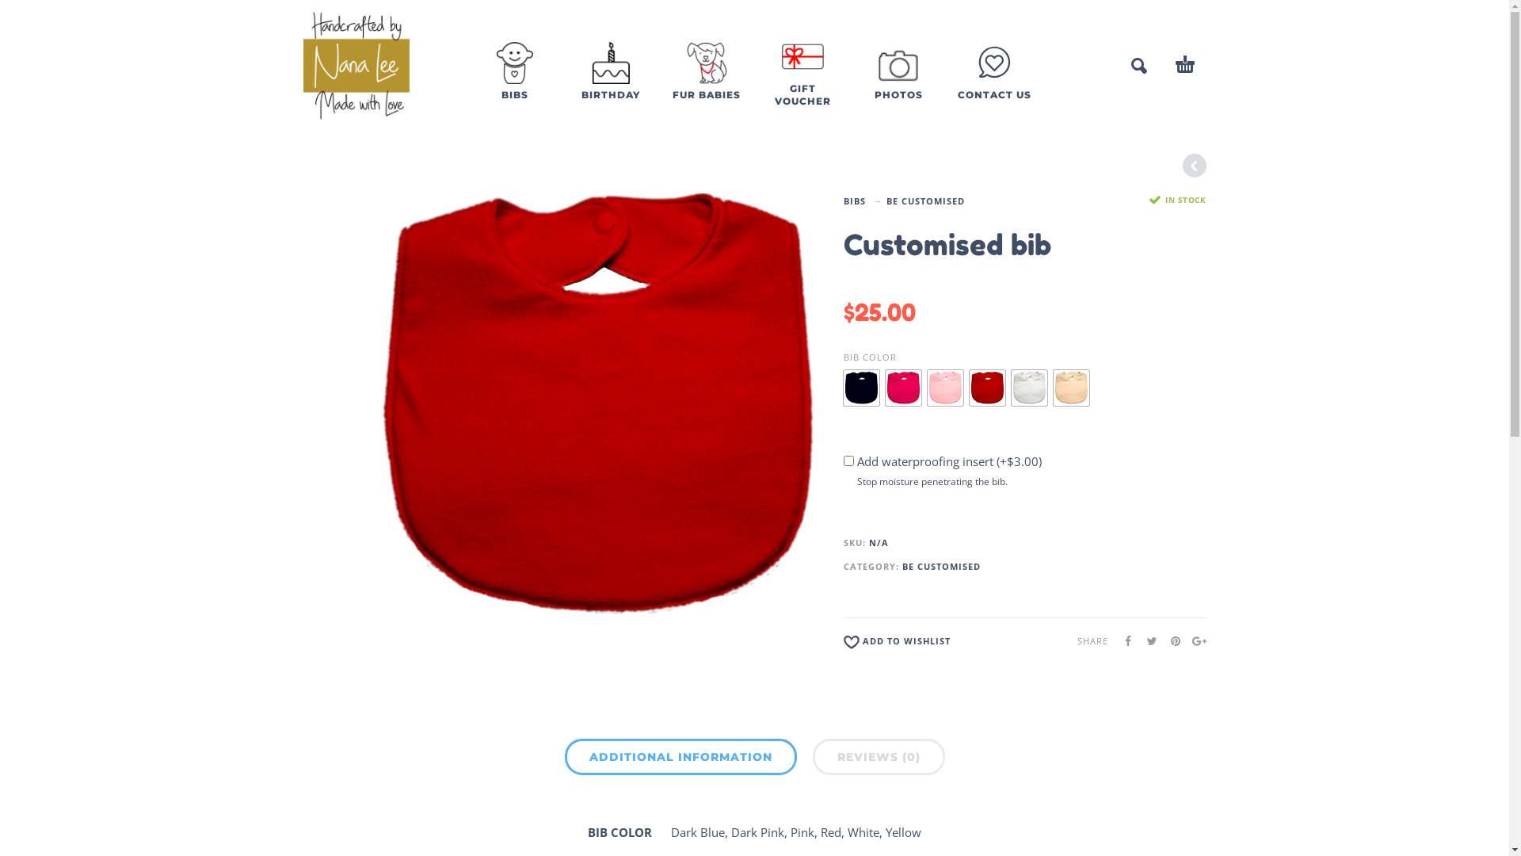 This screenshot has width=1521, height=856. I want to click on 'CONTACT US', so click(993, 92).